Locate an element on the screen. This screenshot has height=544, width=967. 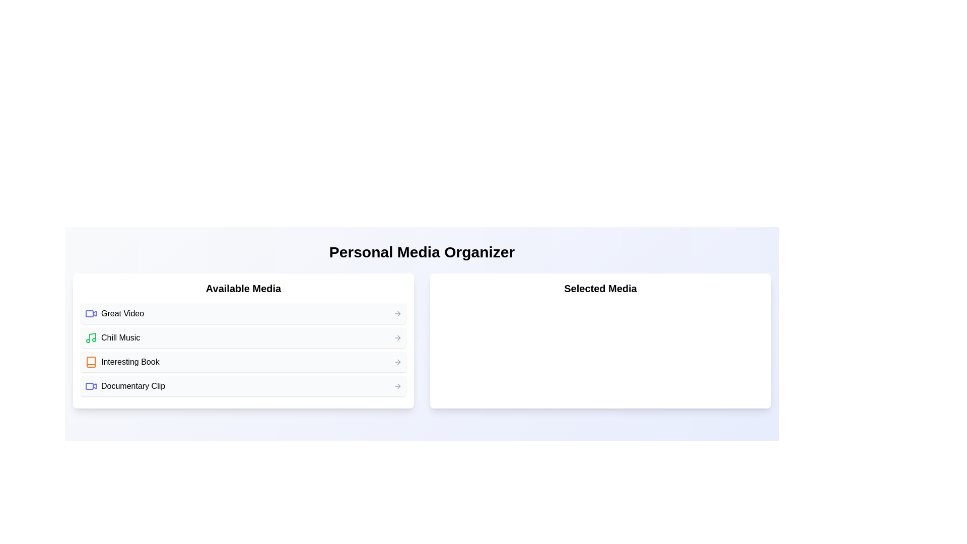
the book icon in the 'Available Media' section, which is the third icon from the top next to the 'Interesting Book' text entry is located at coordinates (91, 361).